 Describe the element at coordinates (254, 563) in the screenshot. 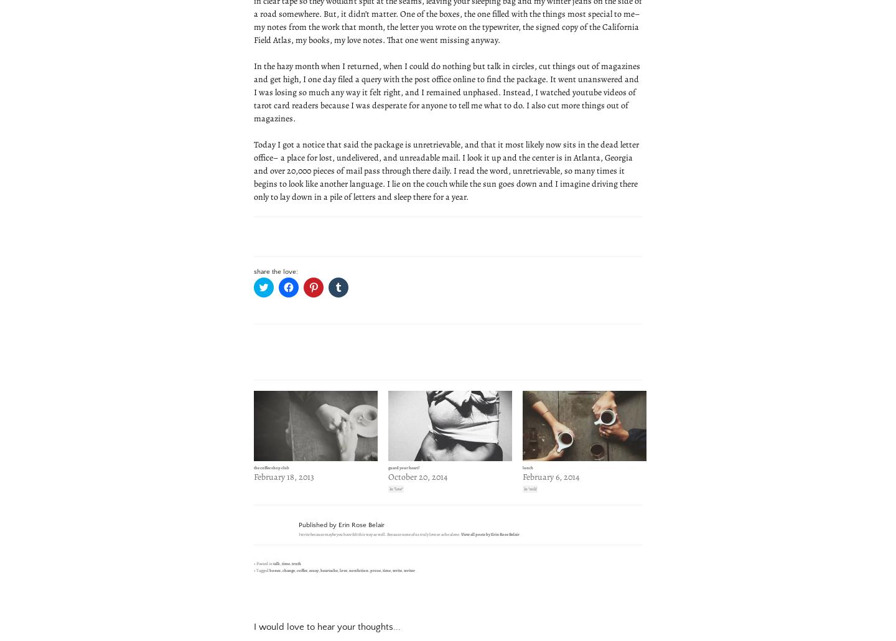

I see `'Posted in'` at that location.